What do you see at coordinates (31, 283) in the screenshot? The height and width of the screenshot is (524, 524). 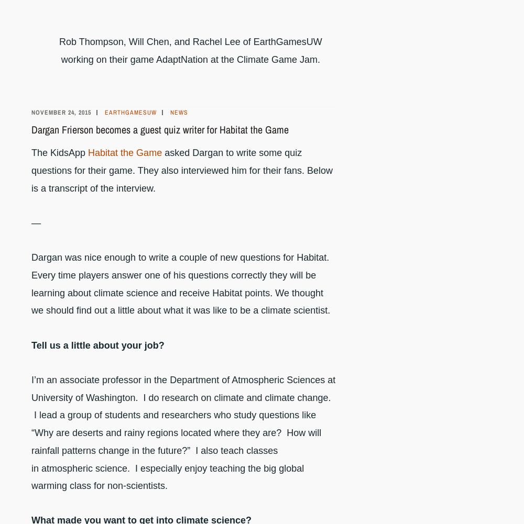 I see `'Dargan was nice enough to write a couple of new questions for Habitat. Every time players answer one of his questions correctly they will be learning about climate science and receive Habitat points. We thought we should find out a little about what it was like to be a climate scientist.'` at bounding box center [31, 283].